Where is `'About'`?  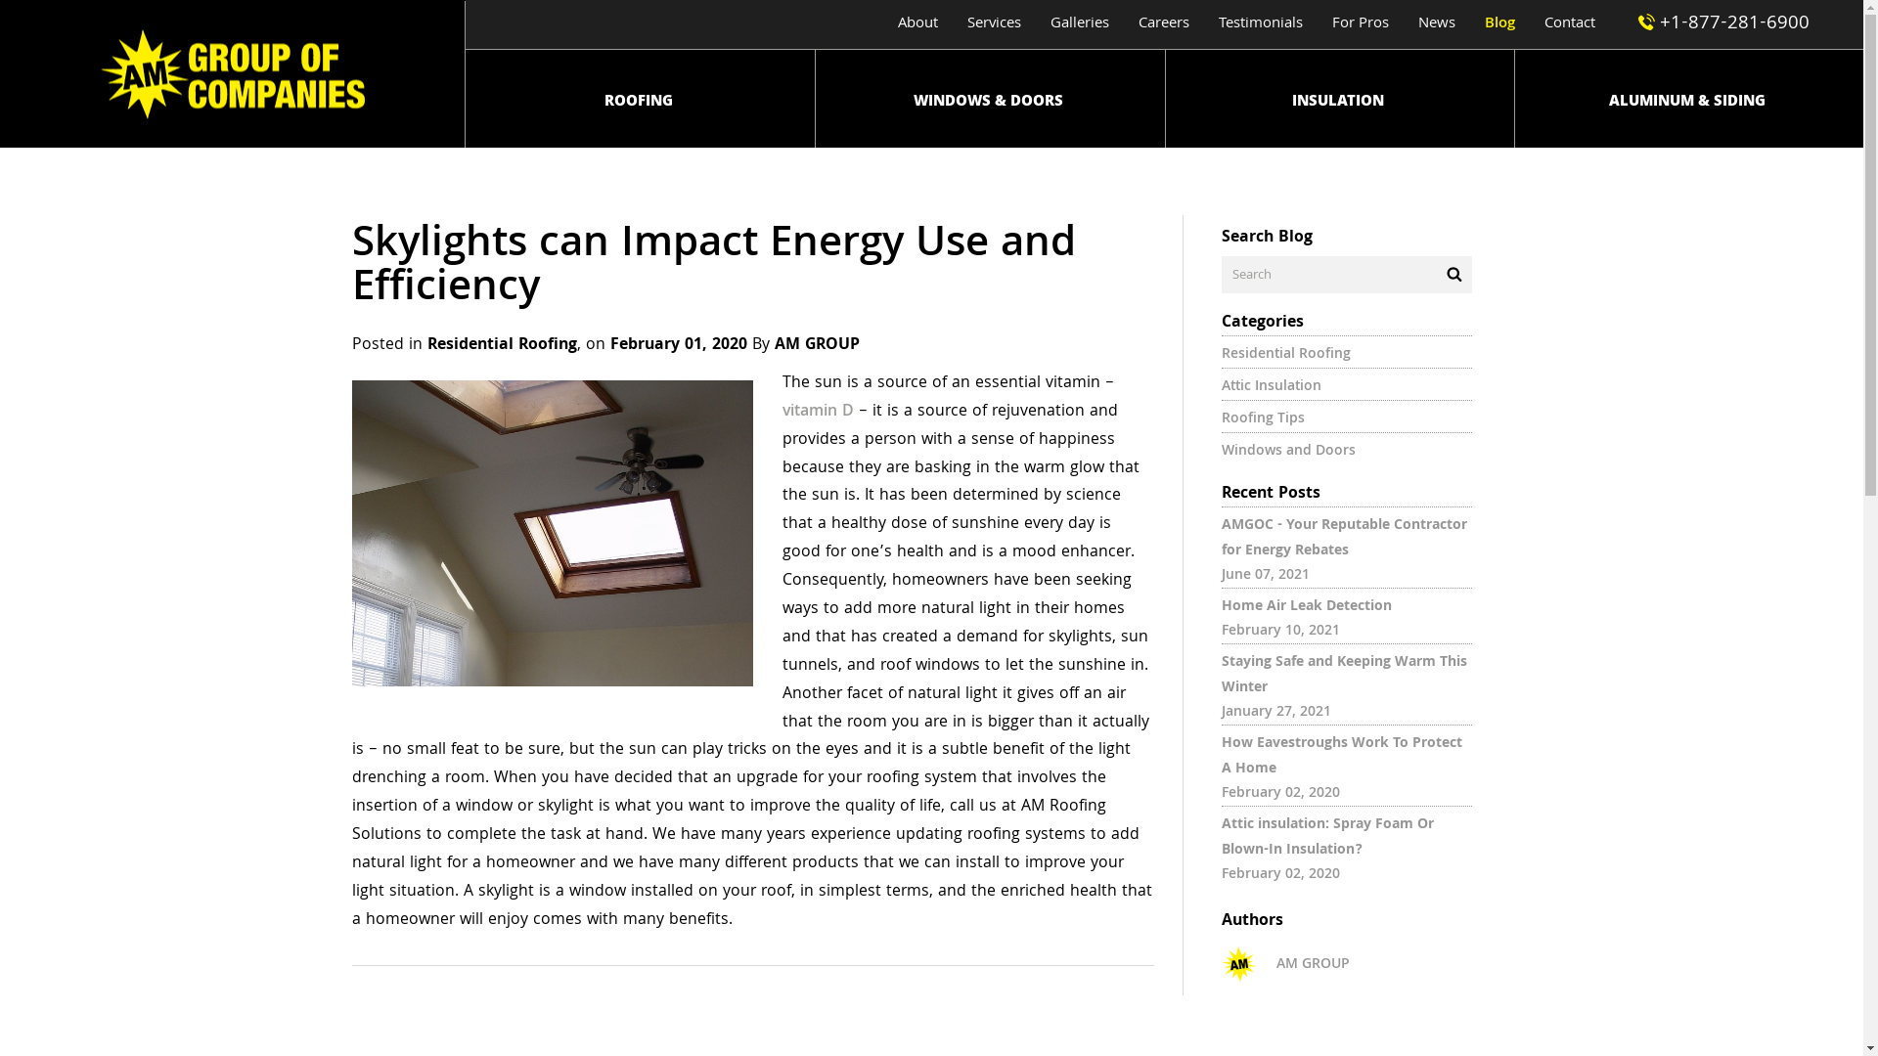
'About' is located at coordinates (917, 23).